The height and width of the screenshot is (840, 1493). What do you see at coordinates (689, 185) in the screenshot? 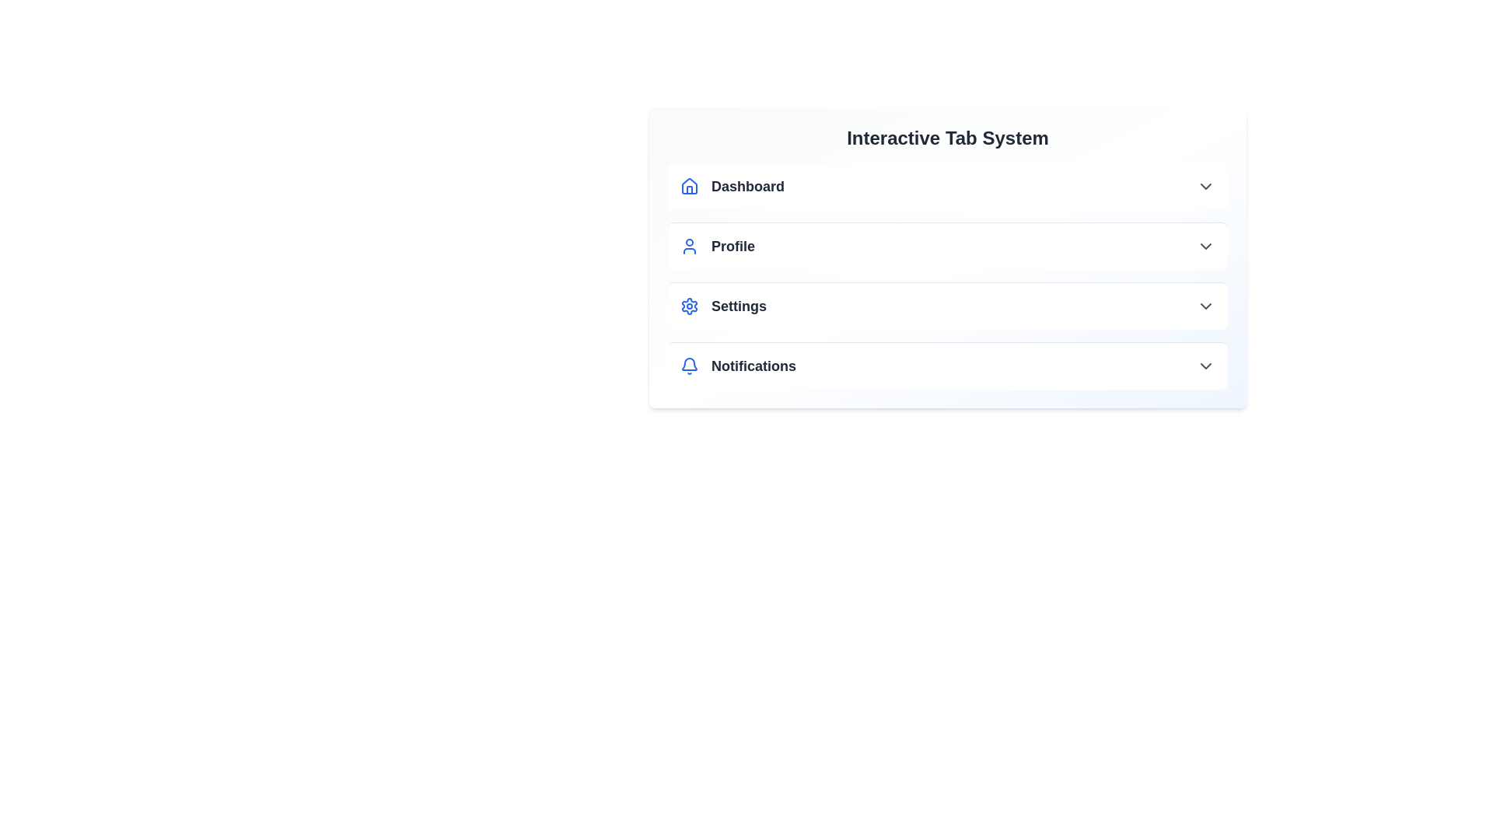
I see `the visual representation of the home icon located at the left side of the first item in a vertical list of four tabs in the navigation menu` at bounding box center [689, 185].